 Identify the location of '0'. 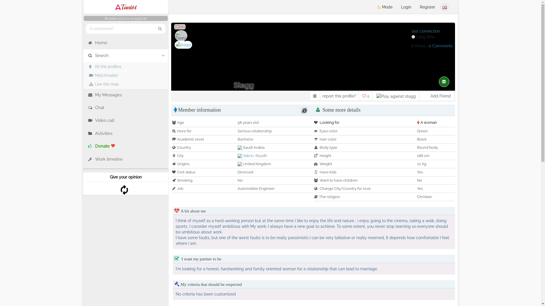
(365, 96).